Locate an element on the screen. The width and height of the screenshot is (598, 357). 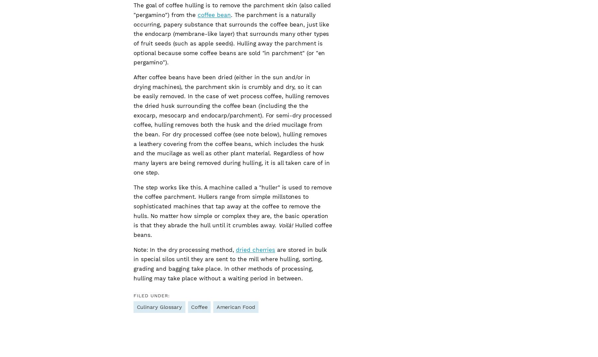
'coffee bean' is located at coordinates (214, 14).